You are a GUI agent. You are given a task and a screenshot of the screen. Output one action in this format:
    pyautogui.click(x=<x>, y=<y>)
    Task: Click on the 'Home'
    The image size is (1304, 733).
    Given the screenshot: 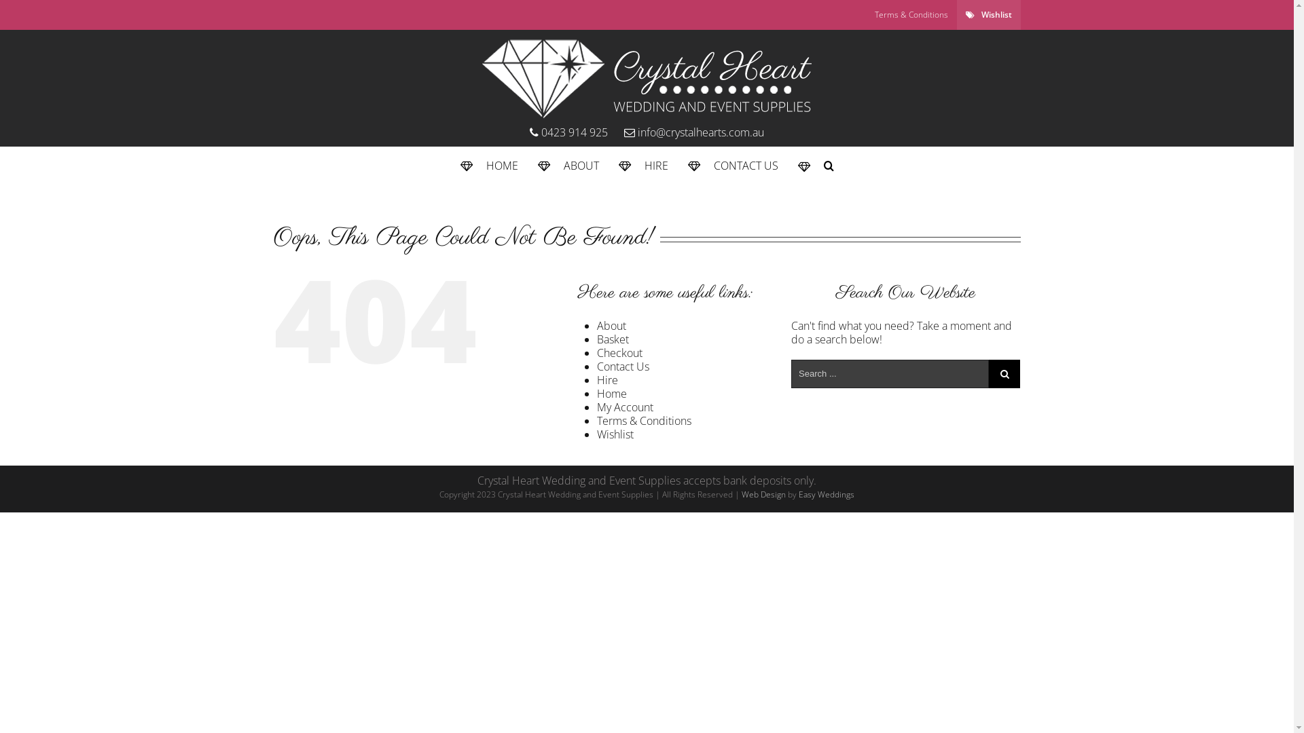 What is the action you would take?
    pyautogui.click(x=596, y=393)
    